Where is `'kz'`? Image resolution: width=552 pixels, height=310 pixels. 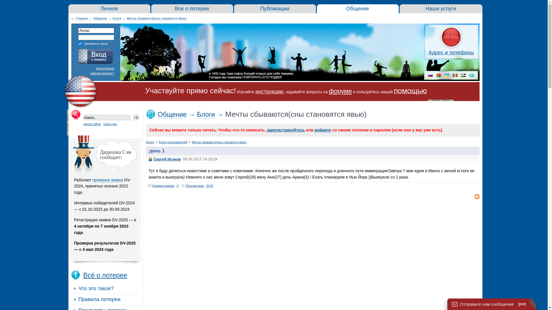
'kz' is located at coordinates (471, 75).